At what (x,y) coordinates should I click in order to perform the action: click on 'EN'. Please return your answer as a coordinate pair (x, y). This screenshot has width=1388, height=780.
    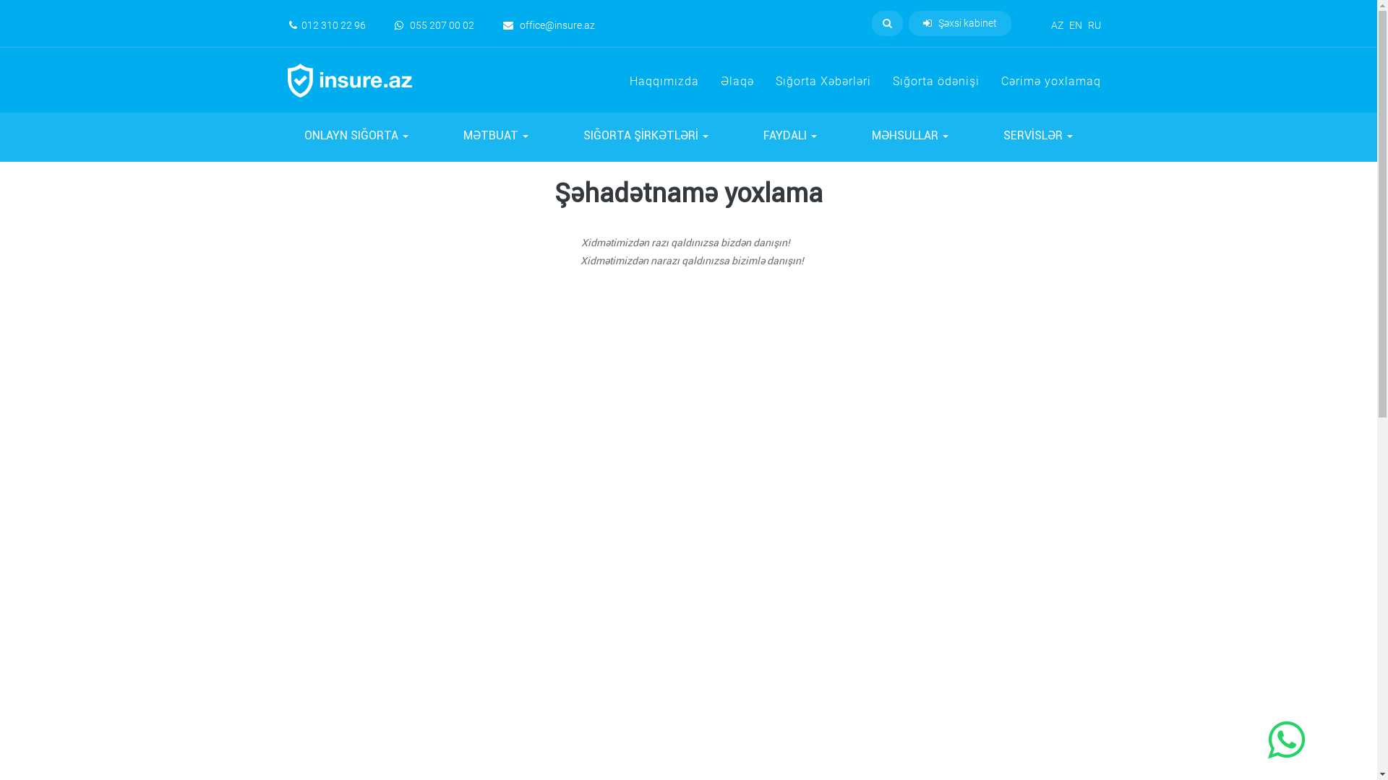
    Looking at the image, I should click on (1075, 25).